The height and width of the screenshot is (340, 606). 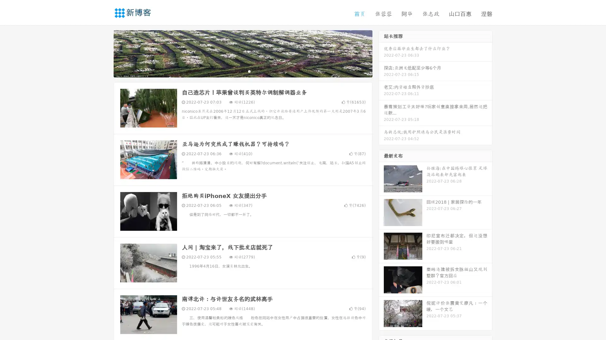 What do you see at coordinates (242, 71) in the screenshot?
I see `Go to slide 2` at bounding box center [242, 71].